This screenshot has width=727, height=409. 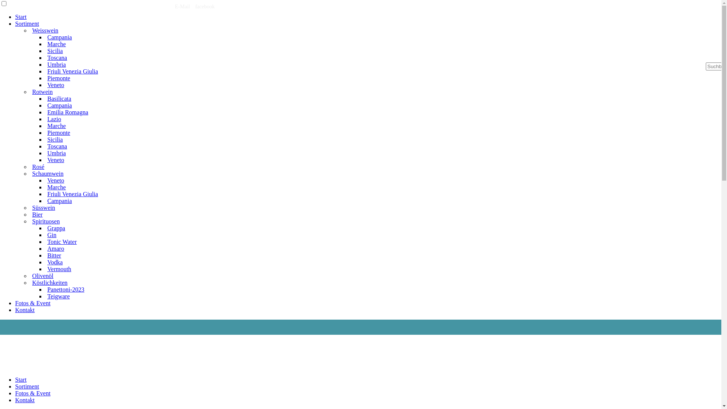 I want to click on 'Rotwein', so click(x=42, y=91).